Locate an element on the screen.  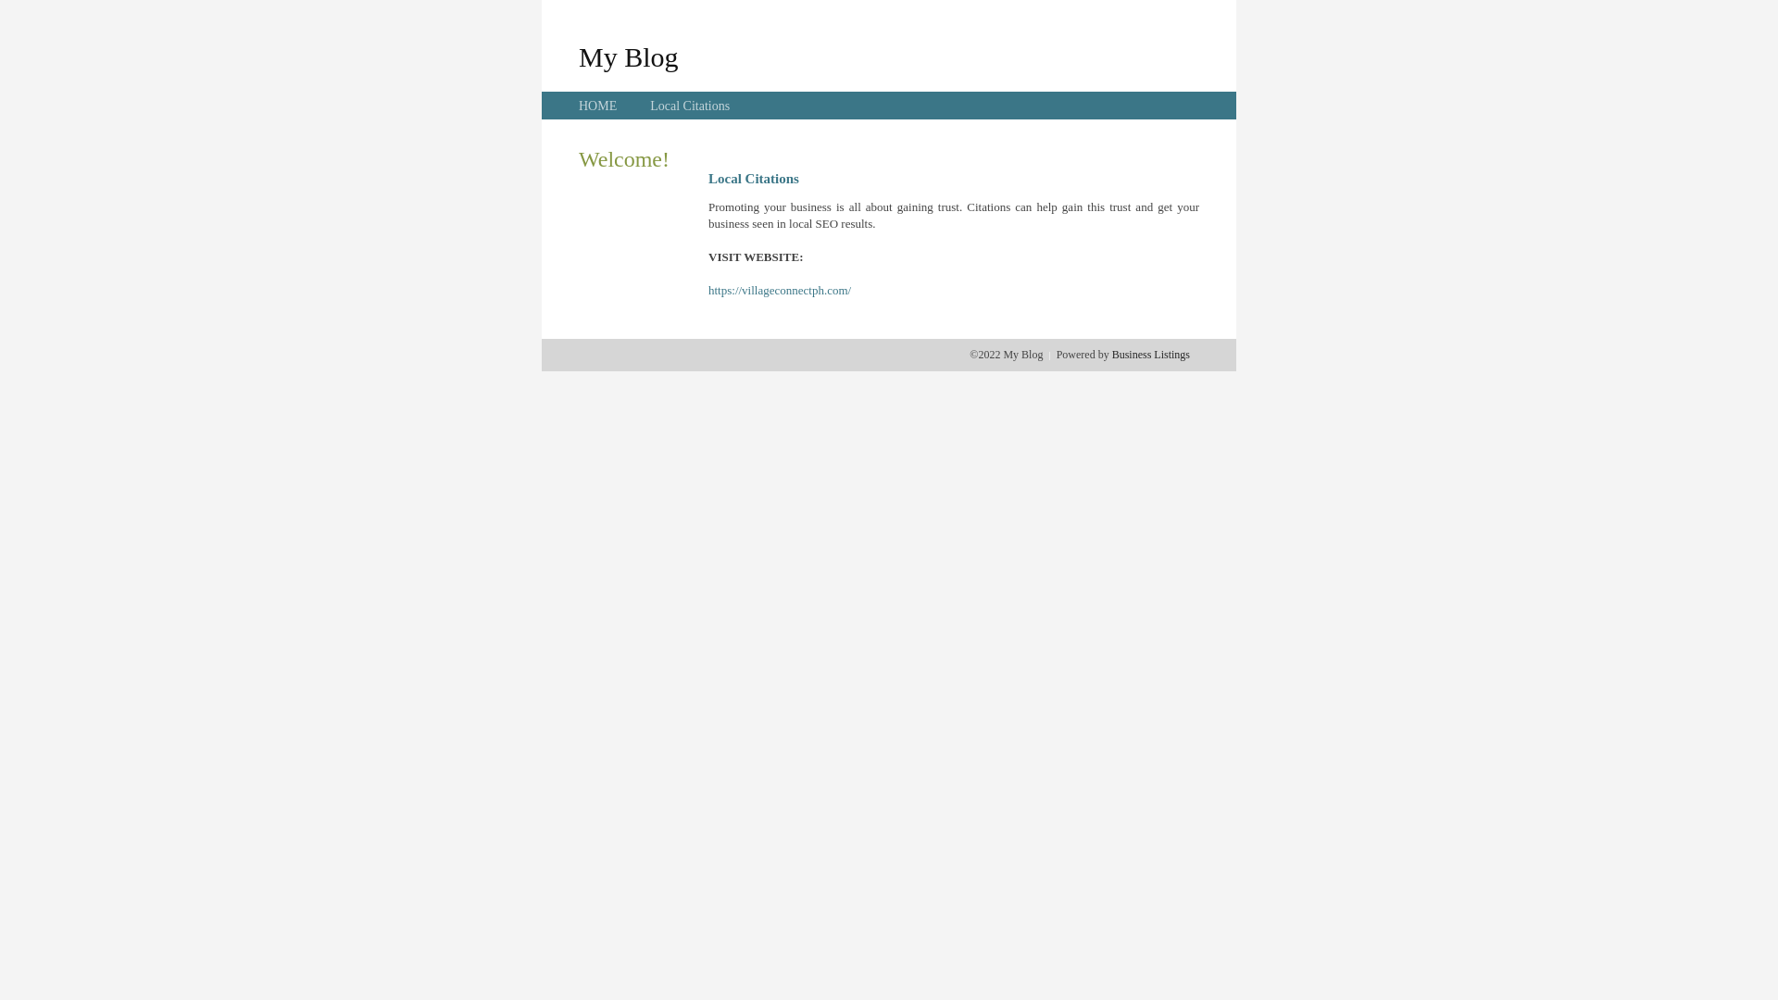
'HOME' is located at coordinates (577, 106).